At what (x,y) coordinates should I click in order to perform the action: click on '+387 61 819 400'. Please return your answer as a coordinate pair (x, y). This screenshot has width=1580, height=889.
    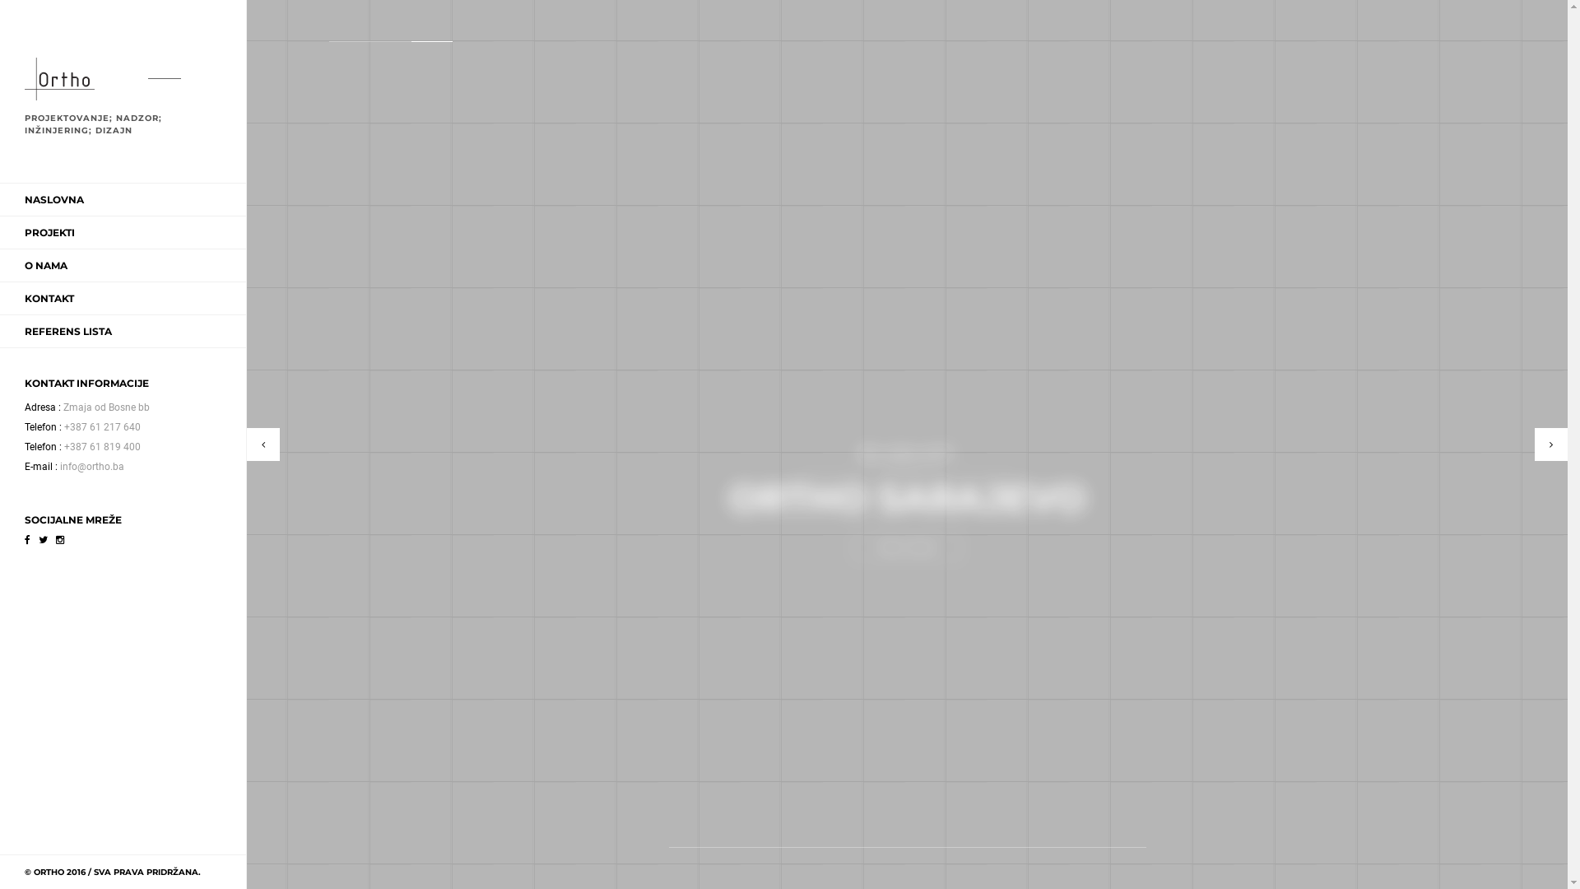
    Looking at the image, I should click on (98, 447).